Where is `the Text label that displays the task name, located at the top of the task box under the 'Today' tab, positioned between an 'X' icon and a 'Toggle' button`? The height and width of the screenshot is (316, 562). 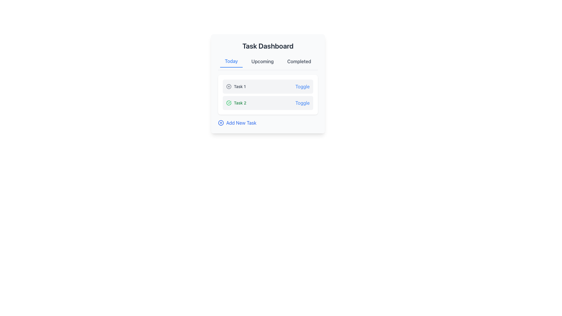
the Text label that displays the task name, located at the top of the task box under the 'Today' tab, positioned between an 'X' icon and a 'Toggle' button is located at coordinates (236, 87).